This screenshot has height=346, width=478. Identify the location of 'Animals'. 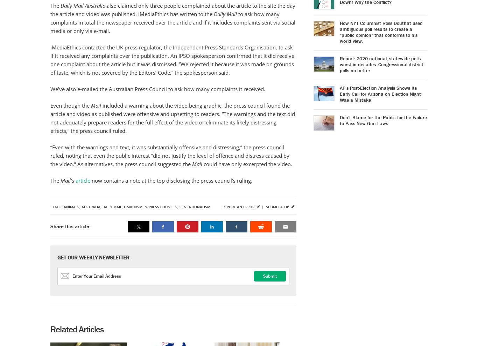
(63, 206).